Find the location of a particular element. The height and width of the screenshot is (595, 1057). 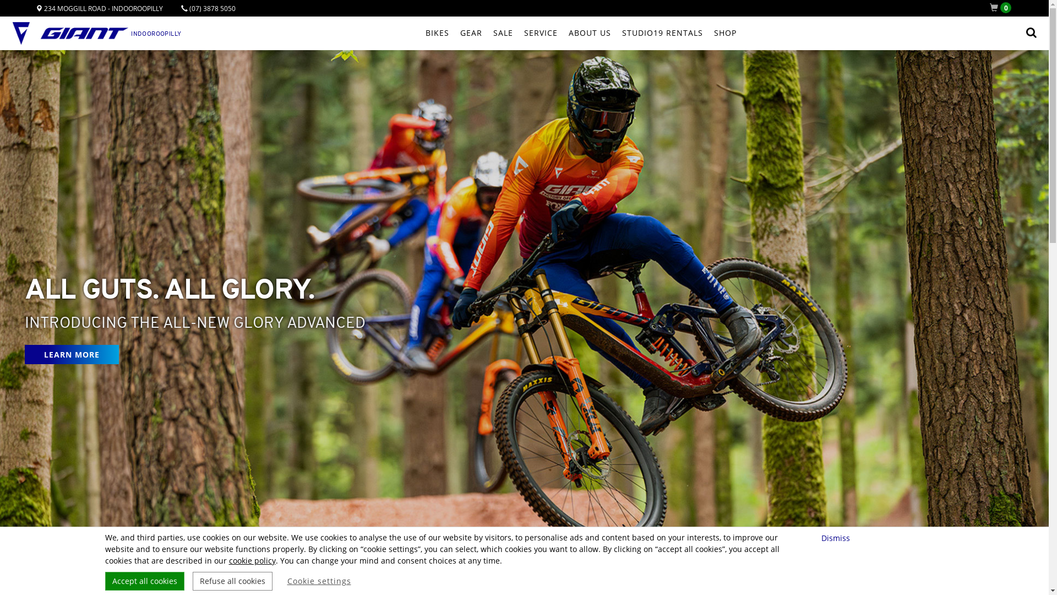

'Cookie settings' is located at coordinates (319, 581).